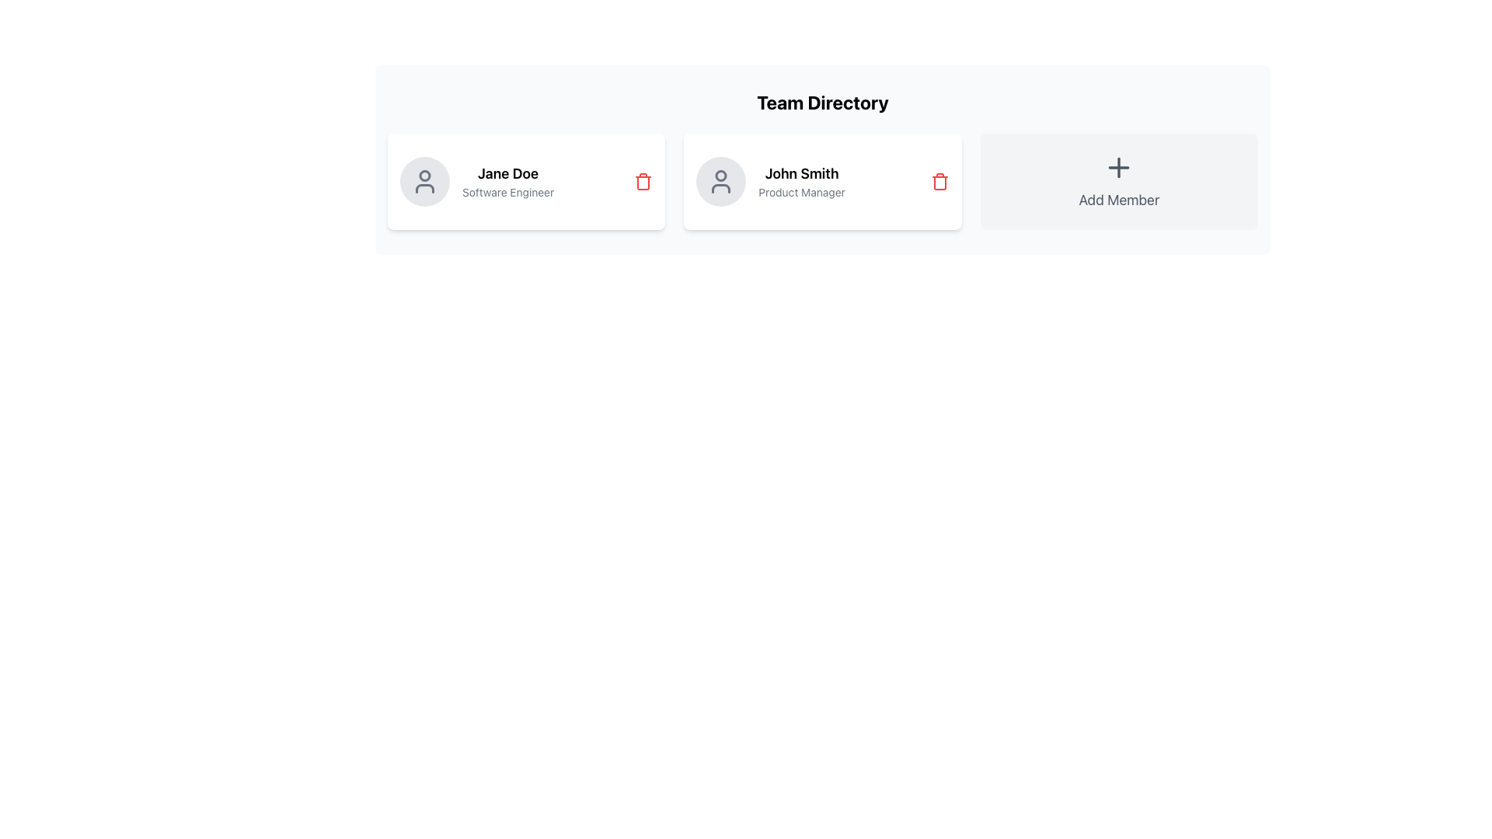  What do you see at coordinates (508, 173) in the screenshot?
I see `text label displaying the name 'Jane Doe', which is styled in bold characters and positioned at the top of a card layout` at bounding box center [508, 173].